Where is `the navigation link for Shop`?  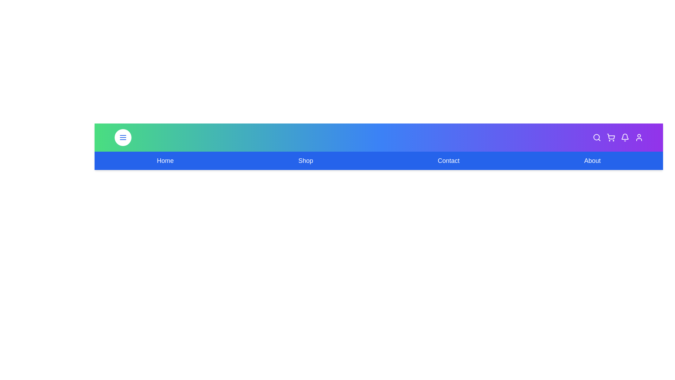
the navigation link for Shop is located at coordinates (305, 160).